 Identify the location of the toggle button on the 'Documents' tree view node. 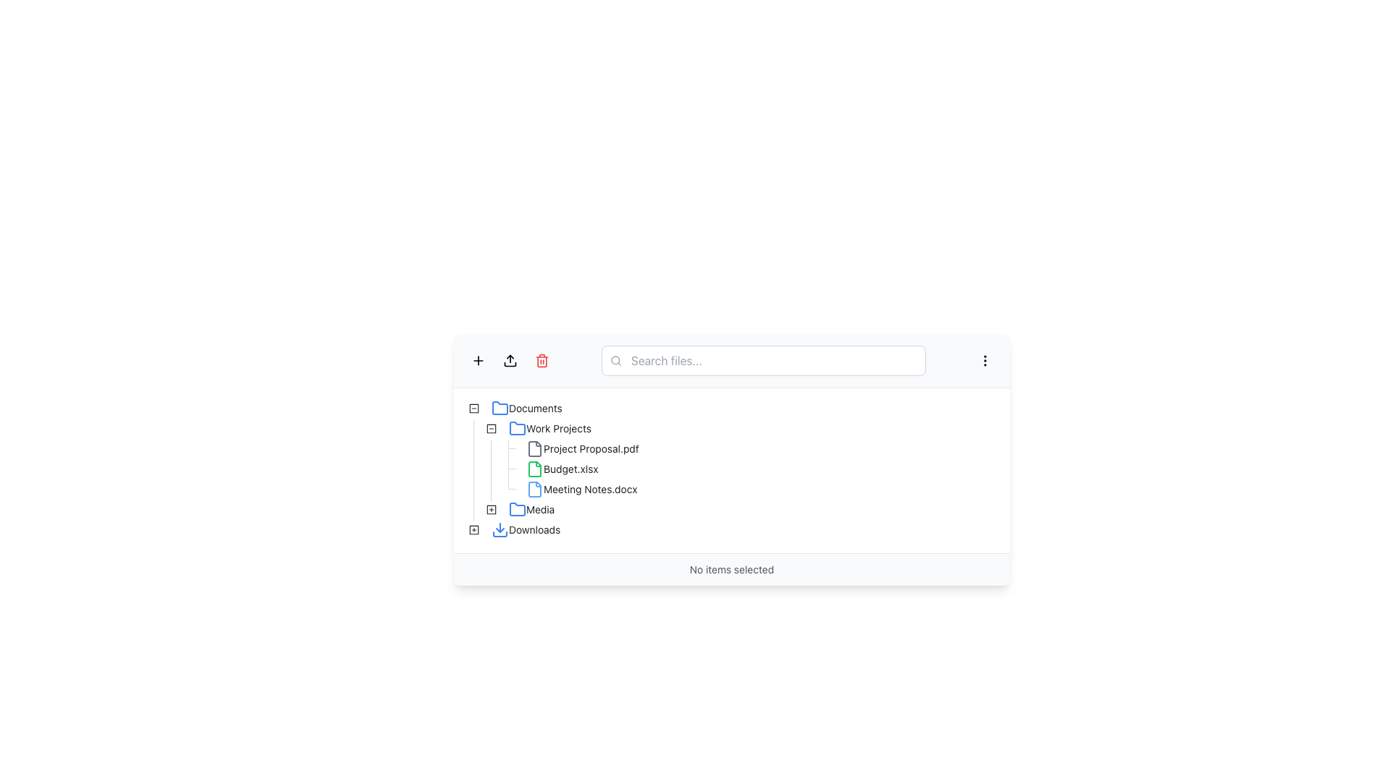
(516, 408).